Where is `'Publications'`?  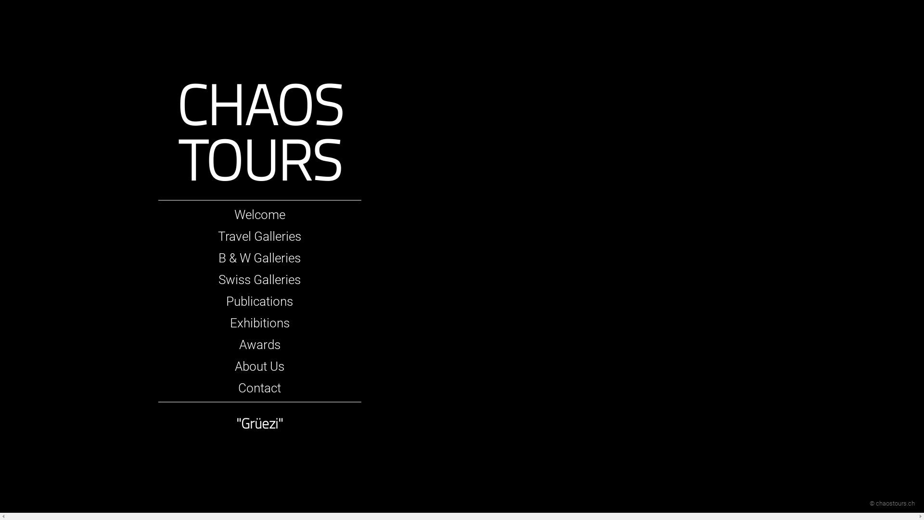 'Publications' is located at coordinates (259, 300).